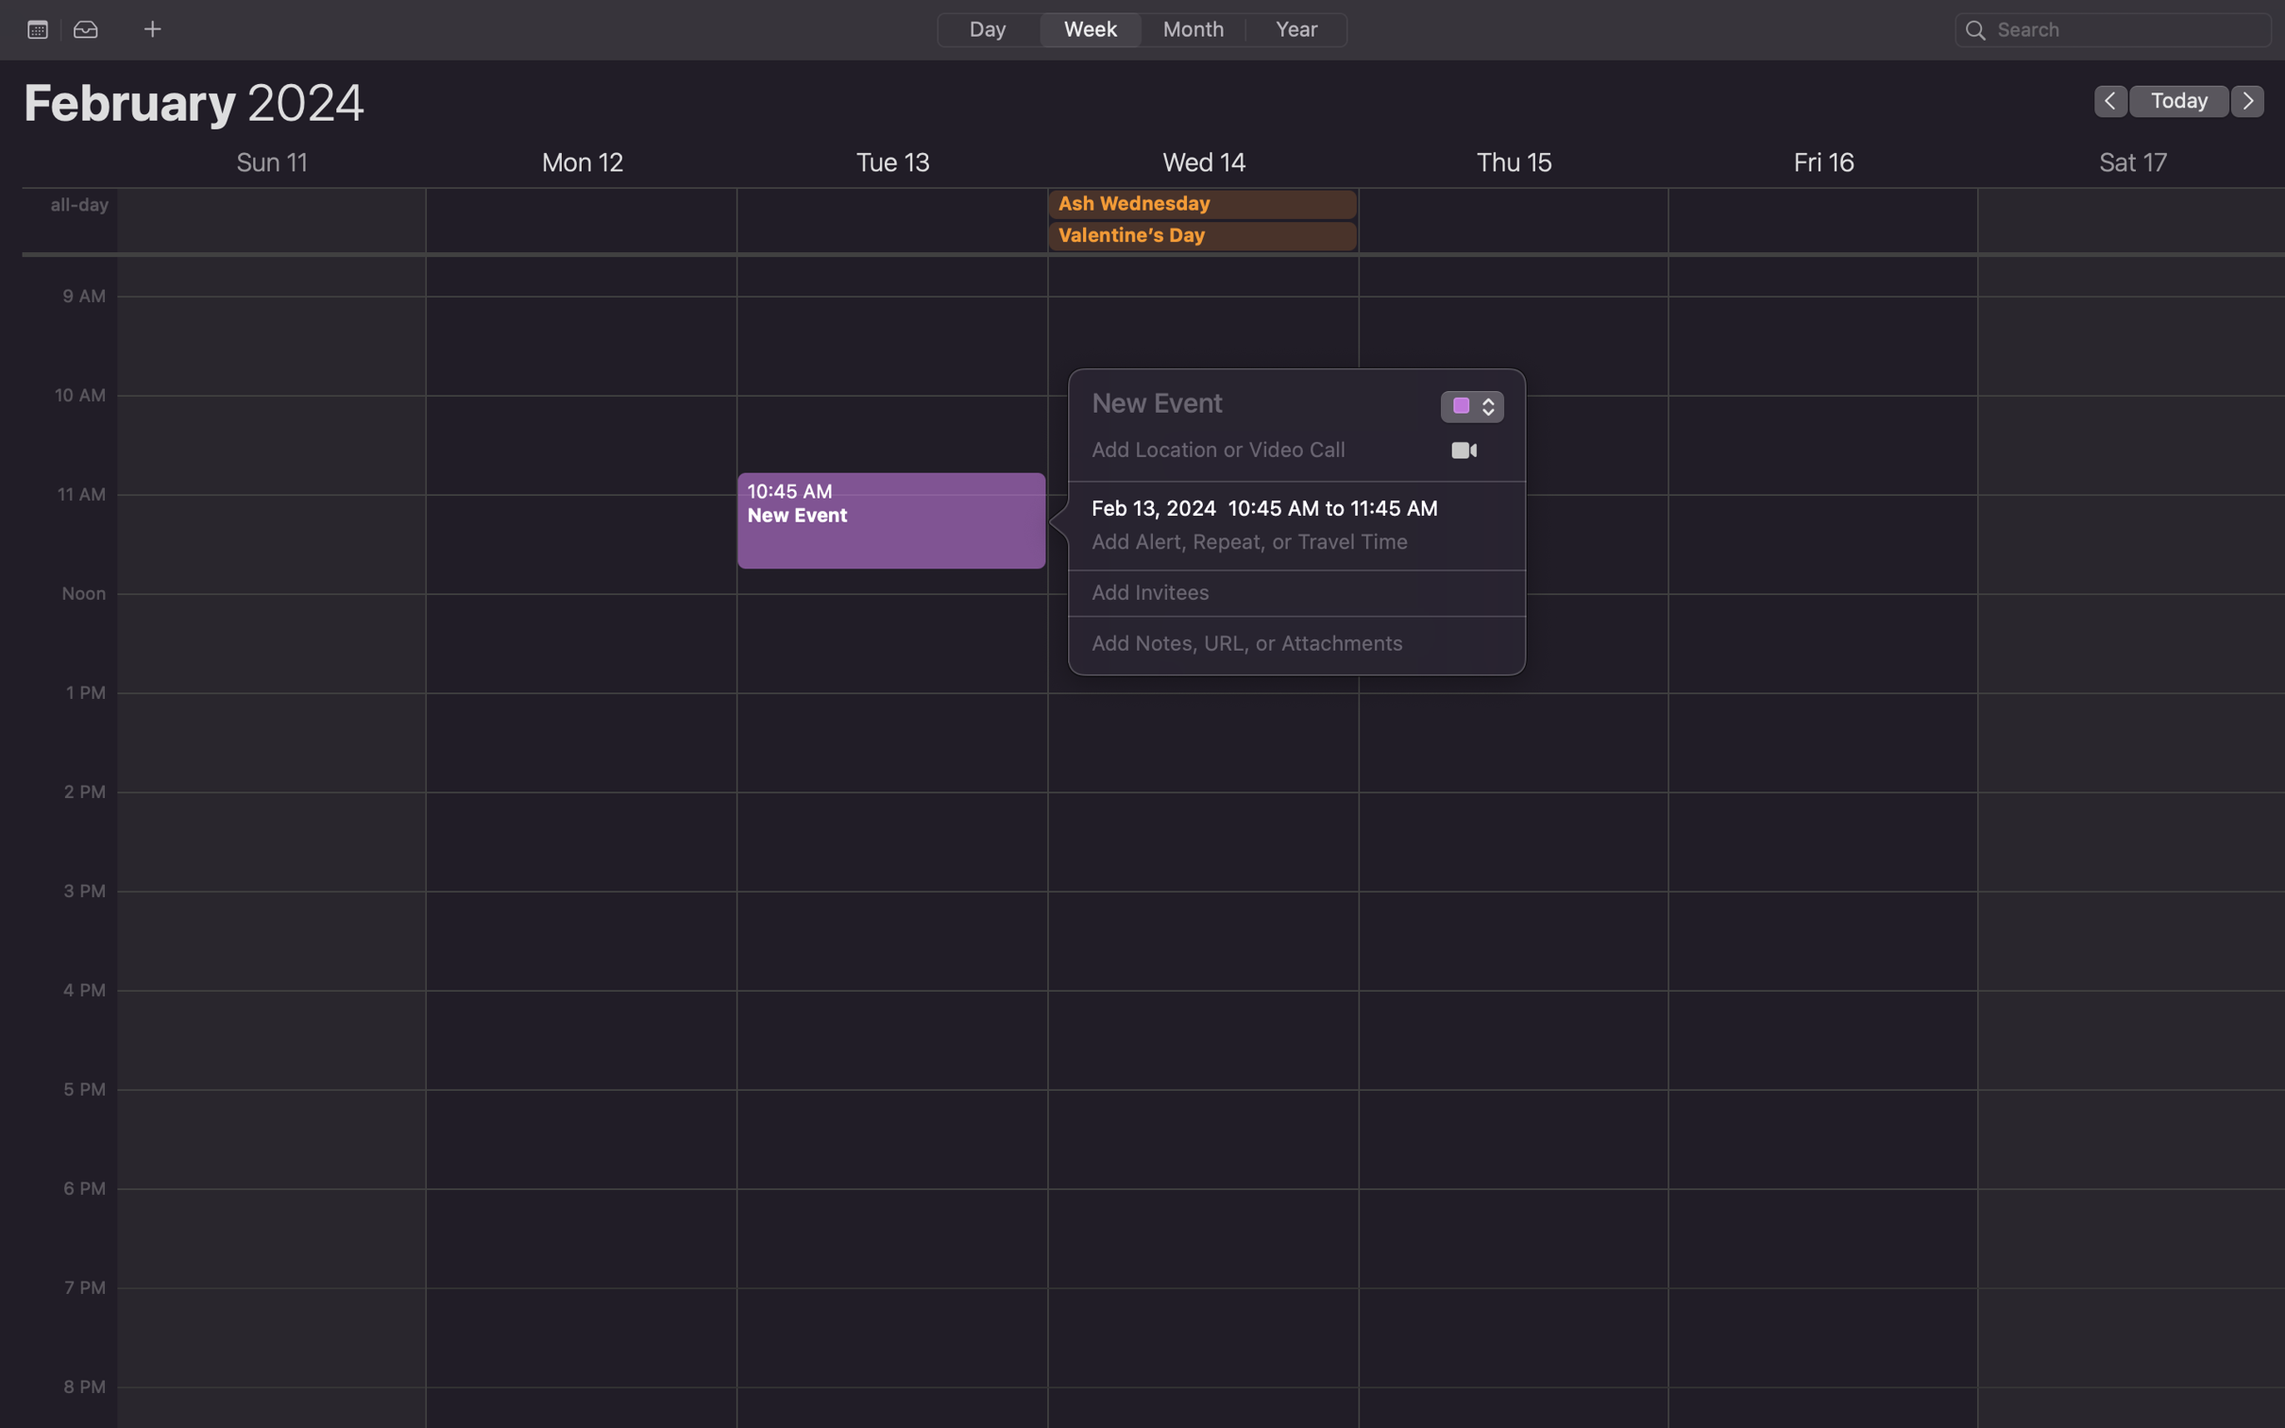 The height and width of the screenshot is (1428, 2285). I want to click on the participant with the email "bob@gmail.com", so click(1276, 593).